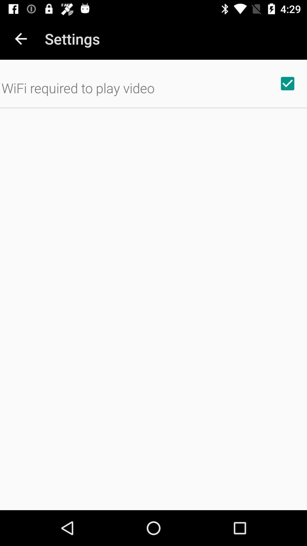  I want to click on the app to the right of the wifi required to icon, so click(287, 83).